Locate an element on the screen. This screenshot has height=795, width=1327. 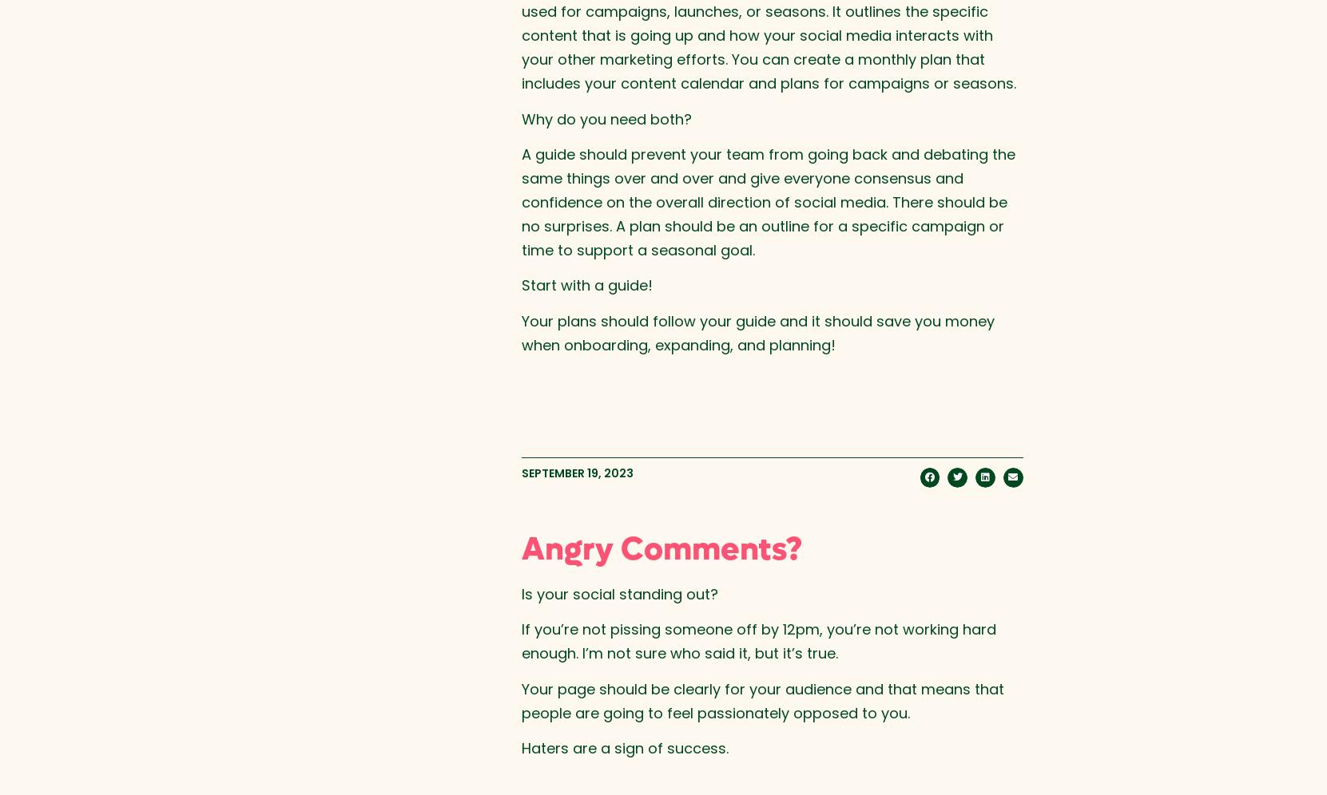
'Angry Comments?' is located at coordinates (520, 548).